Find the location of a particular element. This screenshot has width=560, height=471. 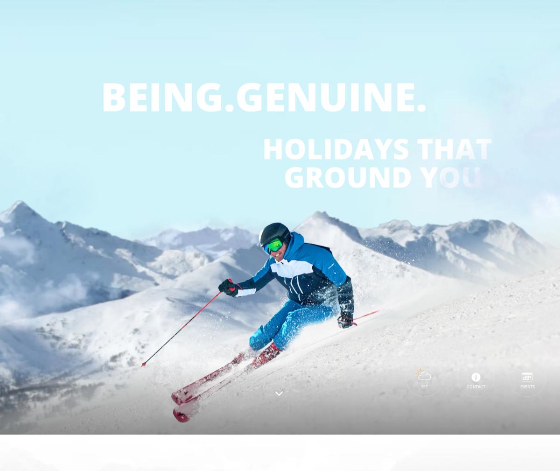

'Accept necessary cookies only' is located at coordinates (147, 430).